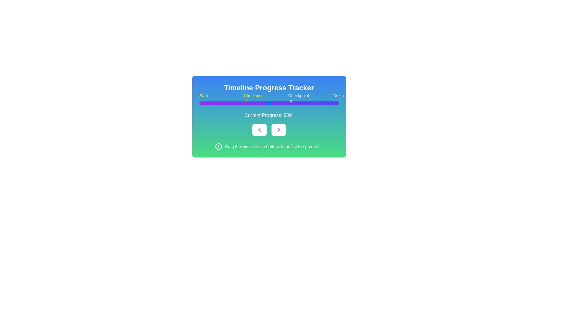 Image resolution: width=576 pixels, height=324 pixels. Describe the element at coordinates (268, 103) in the screenshot. I see `the range slider handle, which is located at the midpoint of the slider` at that location.